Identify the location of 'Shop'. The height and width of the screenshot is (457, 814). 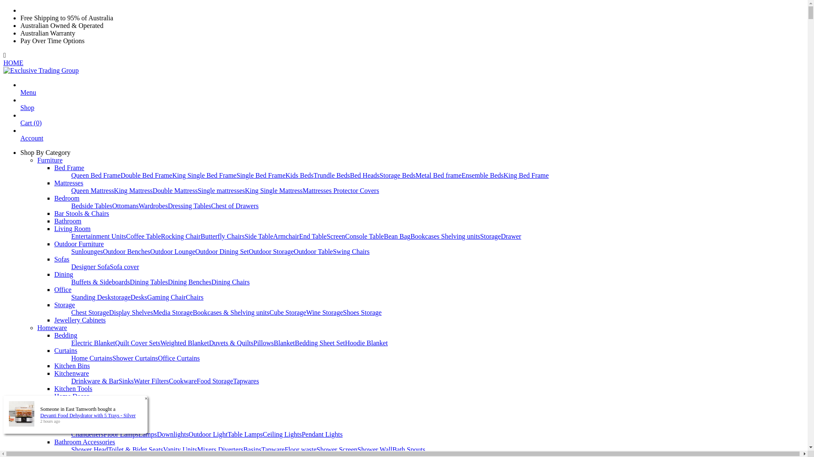
(27, 111).